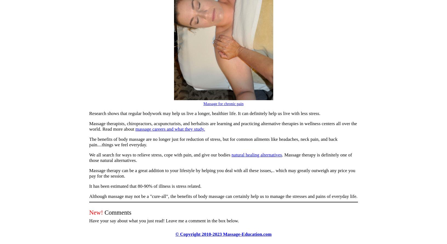 The width and height of the screenshot is (447, 244). Describe the element at coordinates (89, 157) in the screenshot. I see `'. Massage therapy is definitely one of those natural alternatives.'` at that location.